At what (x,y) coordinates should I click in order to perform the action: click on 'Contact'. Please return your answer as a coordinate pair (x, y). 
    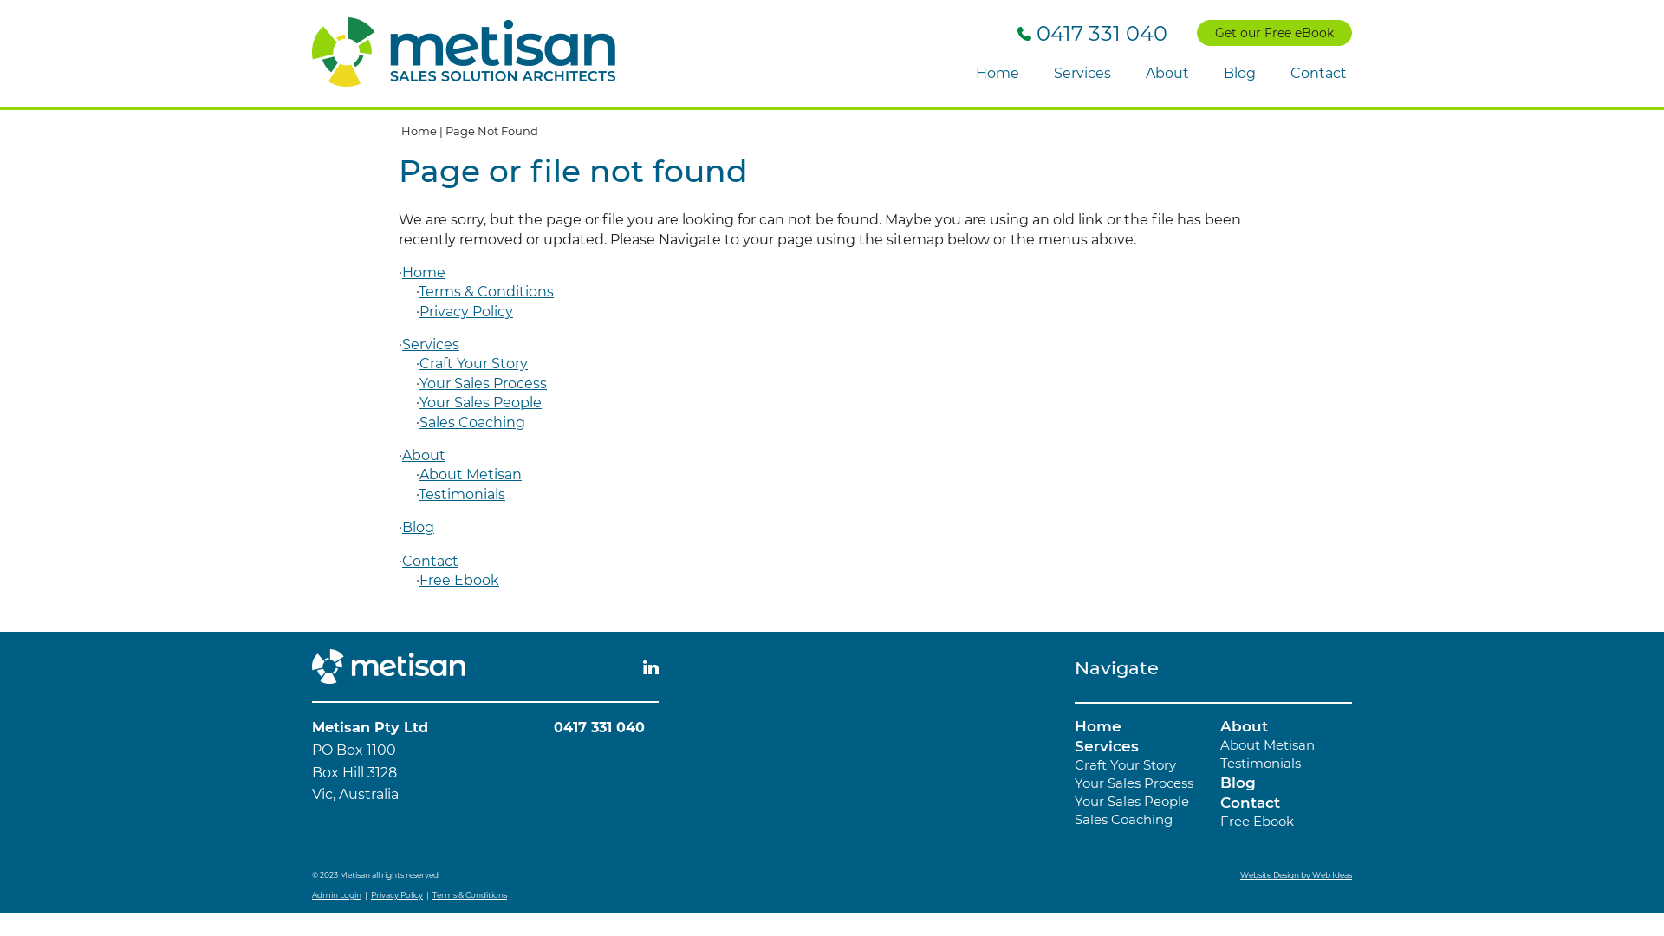
    Looking at the image, I should click on (1250, 802).